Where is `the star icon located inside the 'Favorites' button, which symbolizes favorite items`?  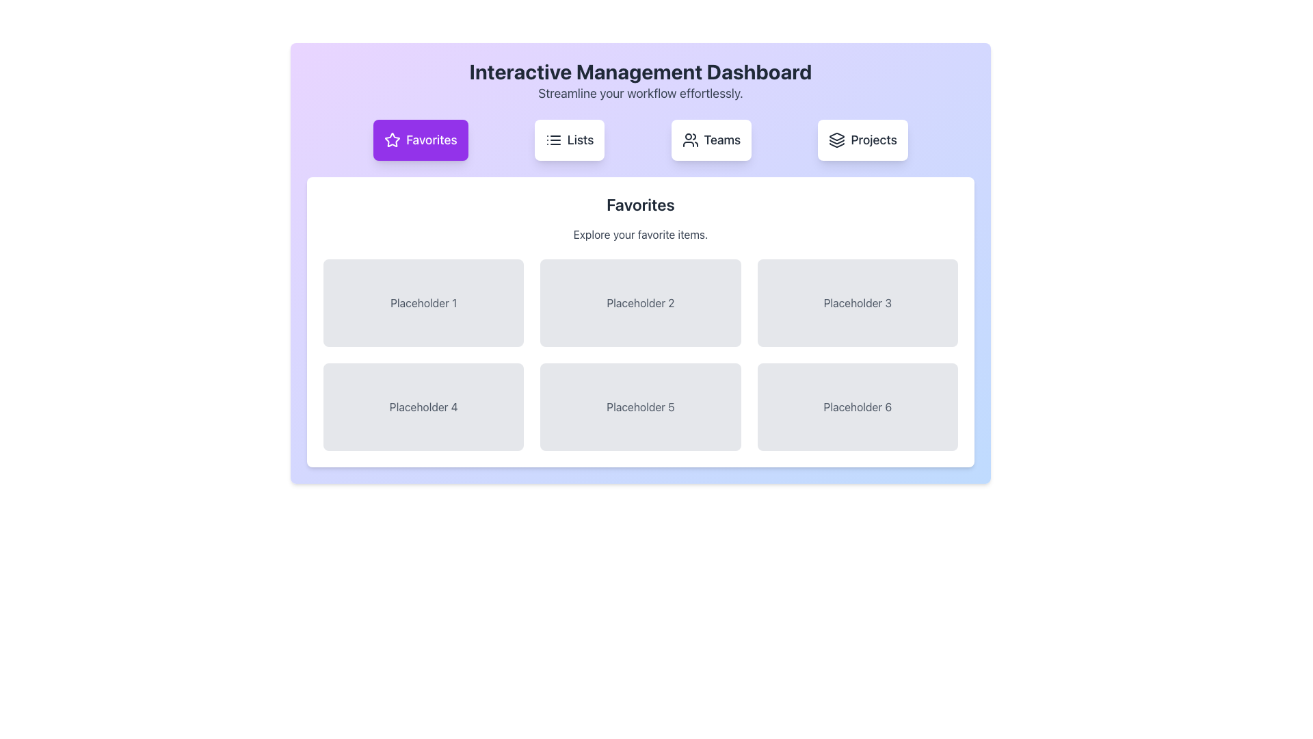 the star icon located inside the 'Favorites' button, which symbolizes favorite items is located at coordinates (392, 140).